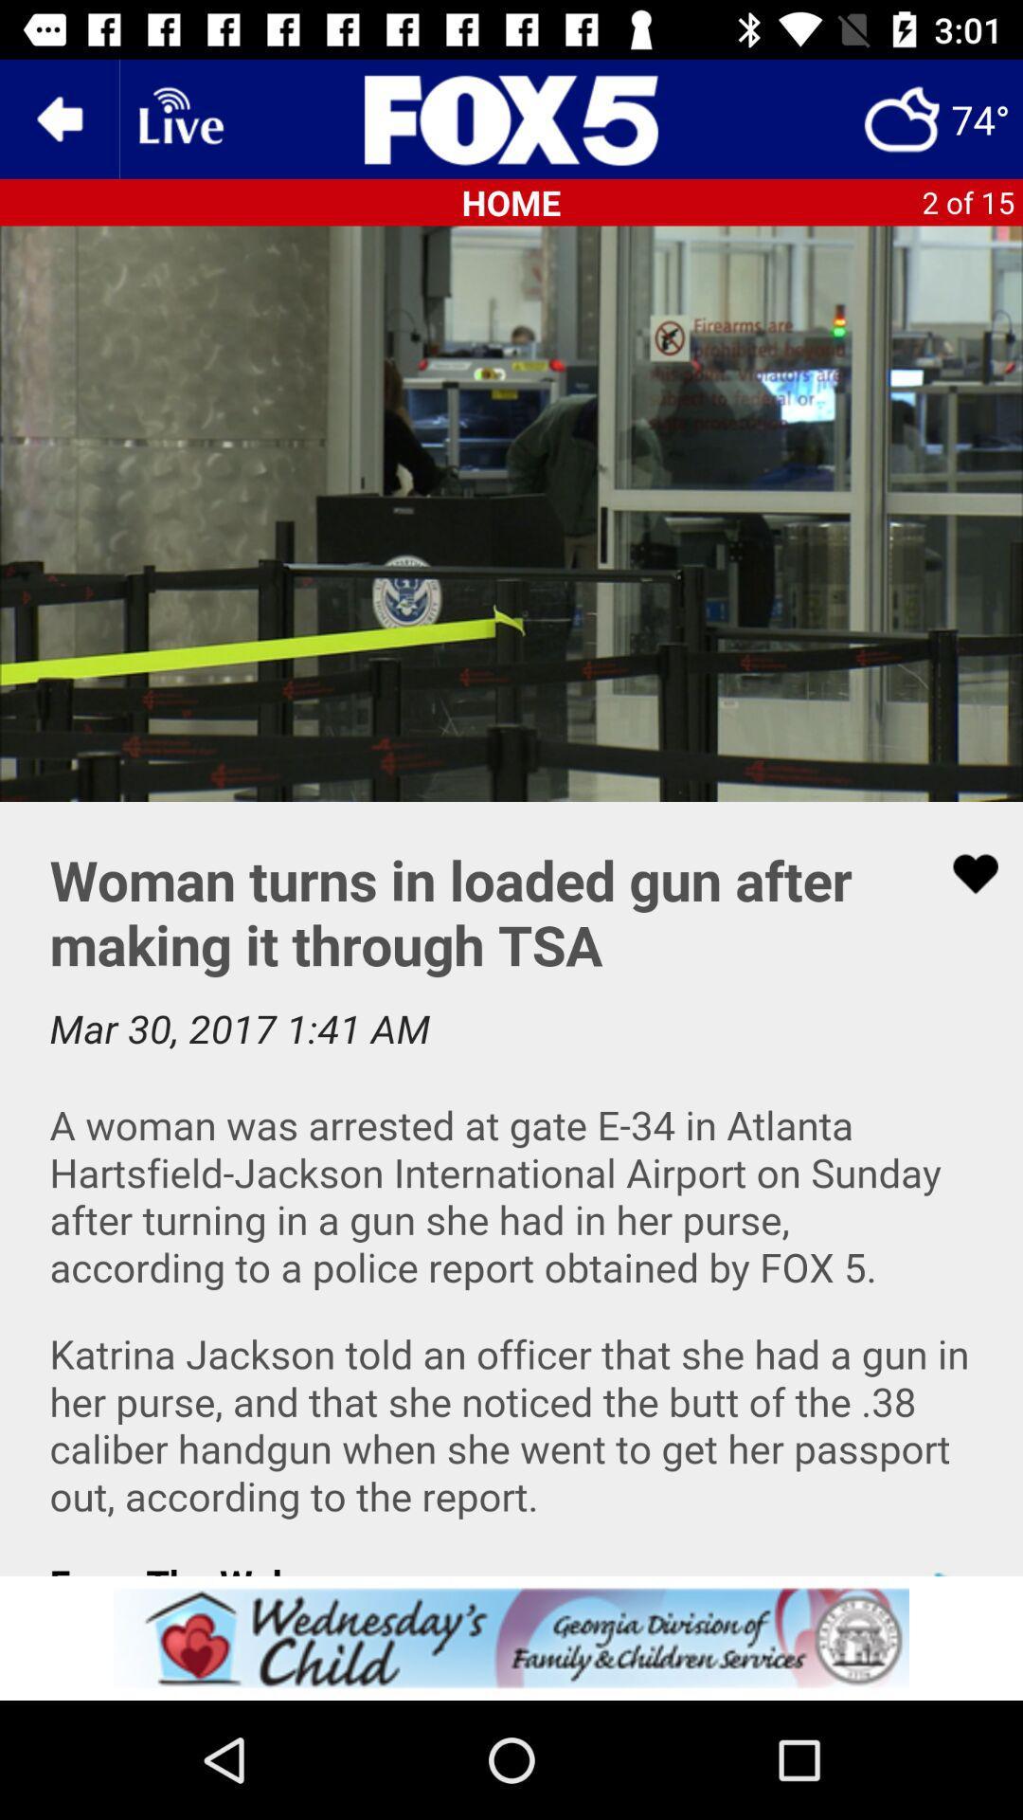  What do you see at coordinates (963, 873) in the screenshot?
I see `the favorite icon` at bounding box center [963, 873].